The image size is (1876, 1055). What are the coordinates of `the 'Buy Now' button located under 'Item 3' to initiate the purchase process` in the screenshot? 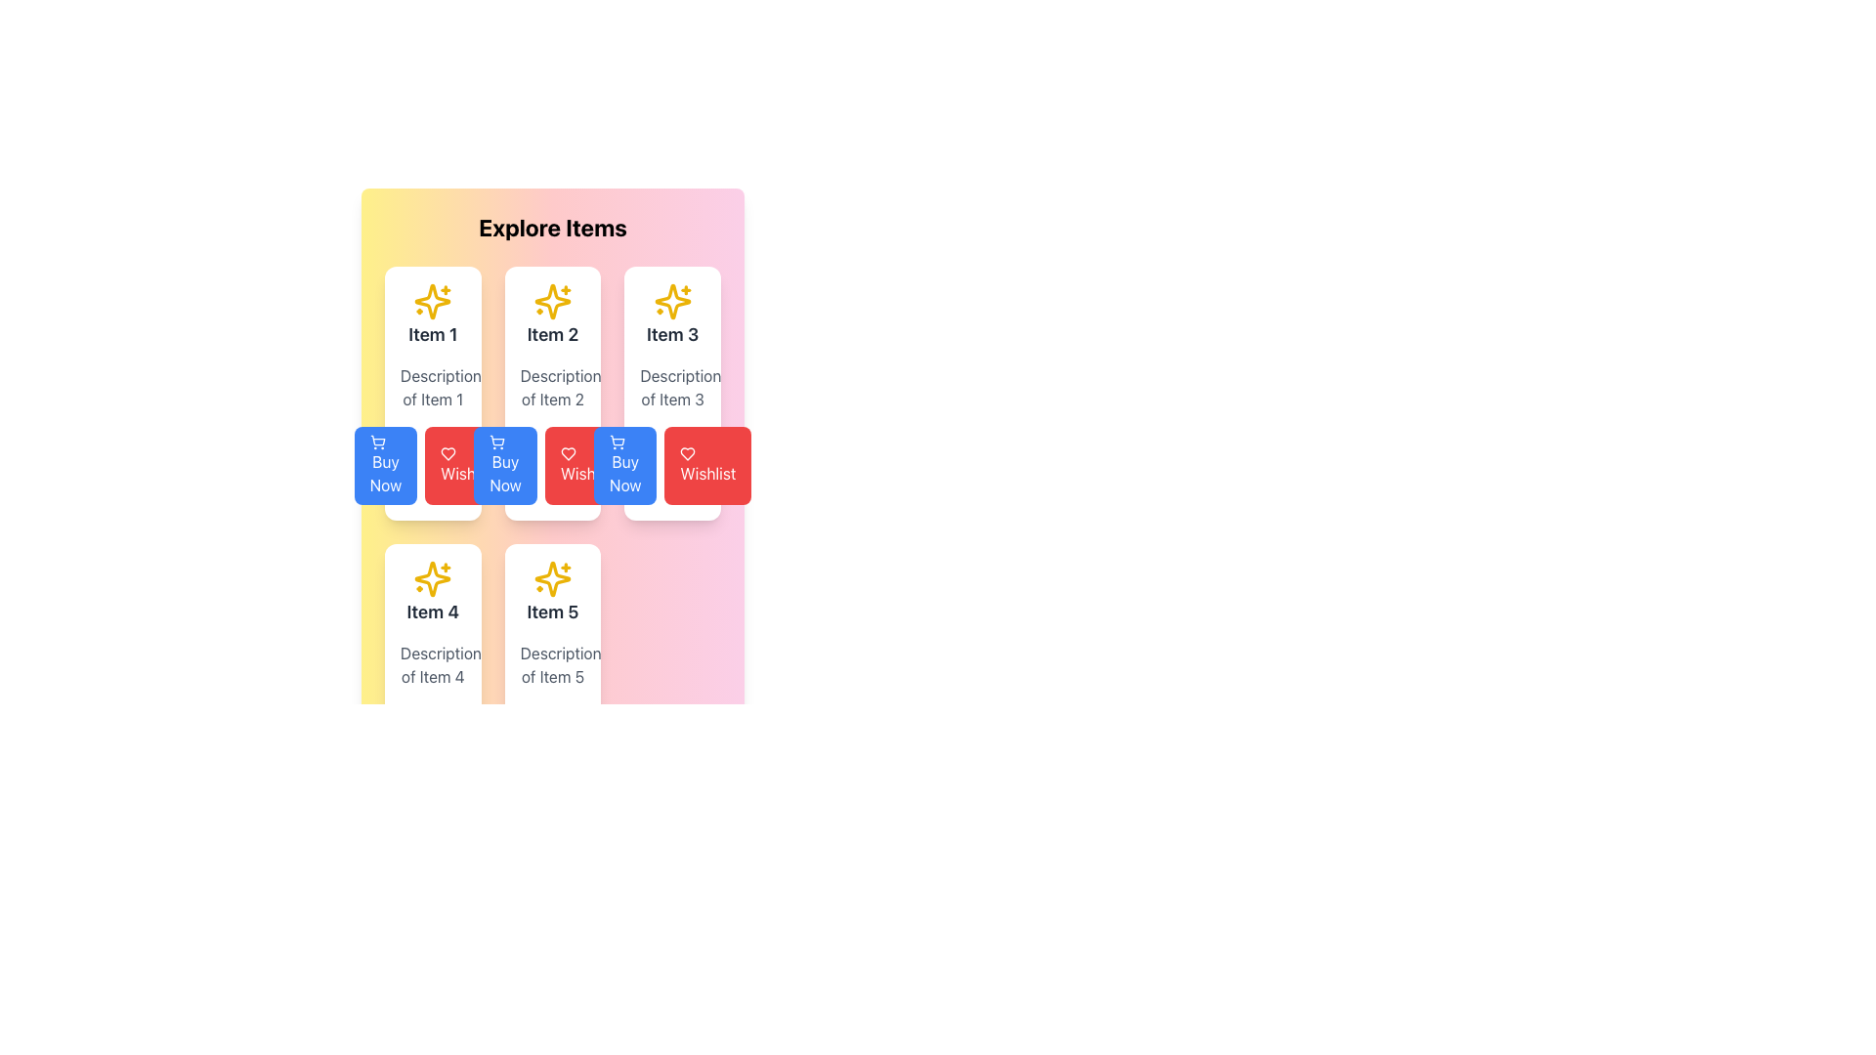 It's located at (625, 466).